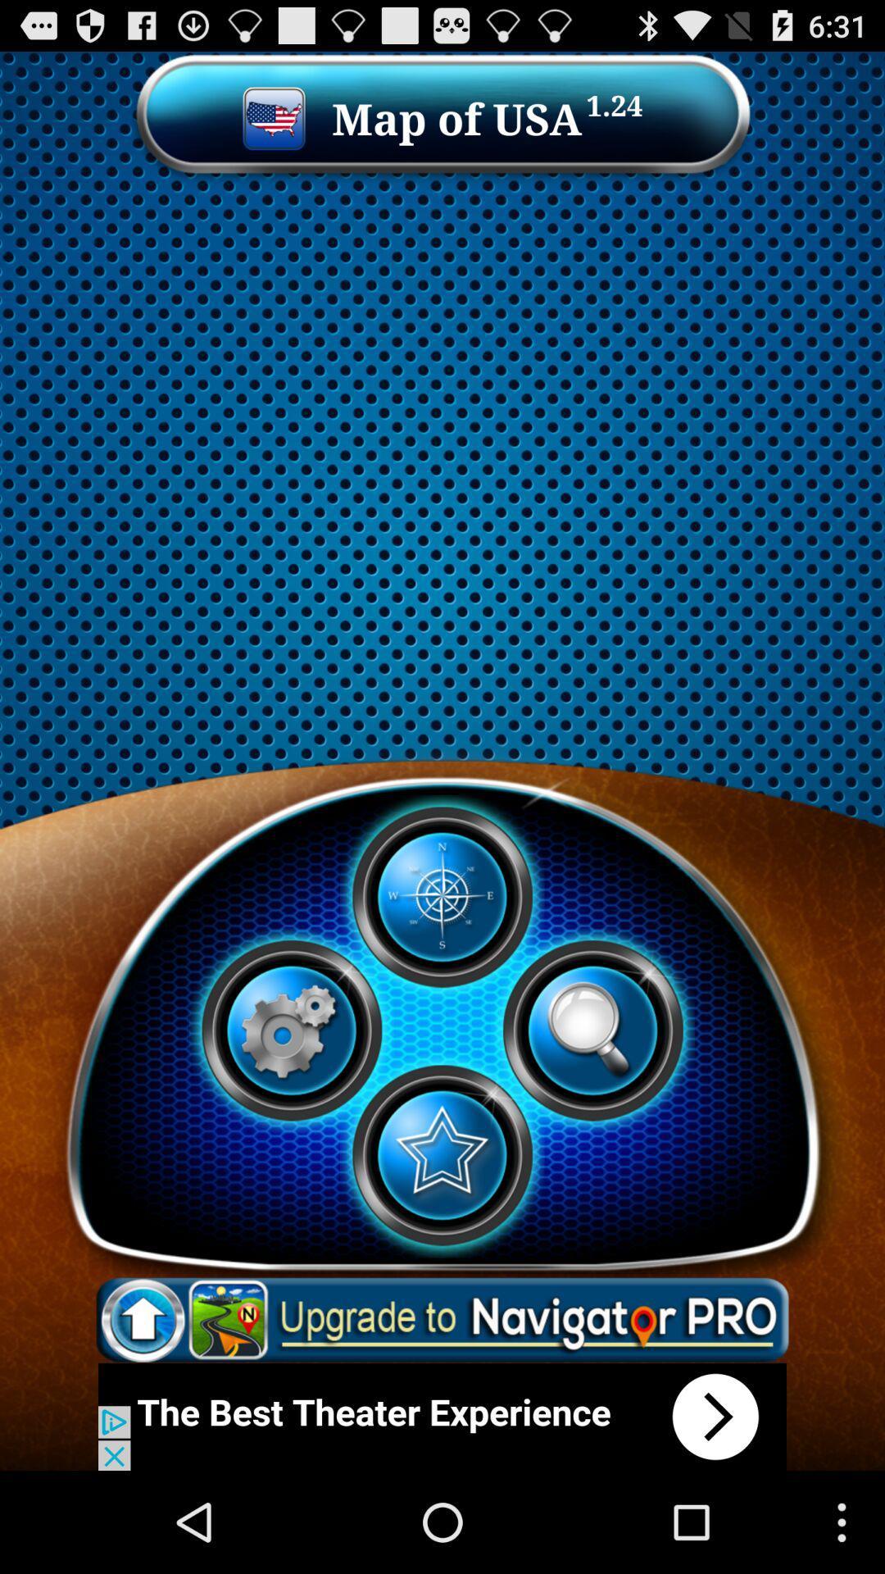 The height and width of the screenshot is (1574, 885). What do you see at coordinates (441, 1154) in the screenshot?
I see `selct the button` at bounding box center [441, 1154].